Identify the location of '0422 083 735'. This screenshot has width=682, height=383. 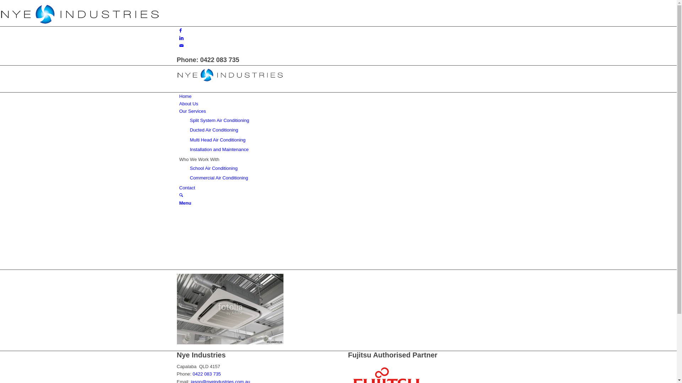
(193, 373).